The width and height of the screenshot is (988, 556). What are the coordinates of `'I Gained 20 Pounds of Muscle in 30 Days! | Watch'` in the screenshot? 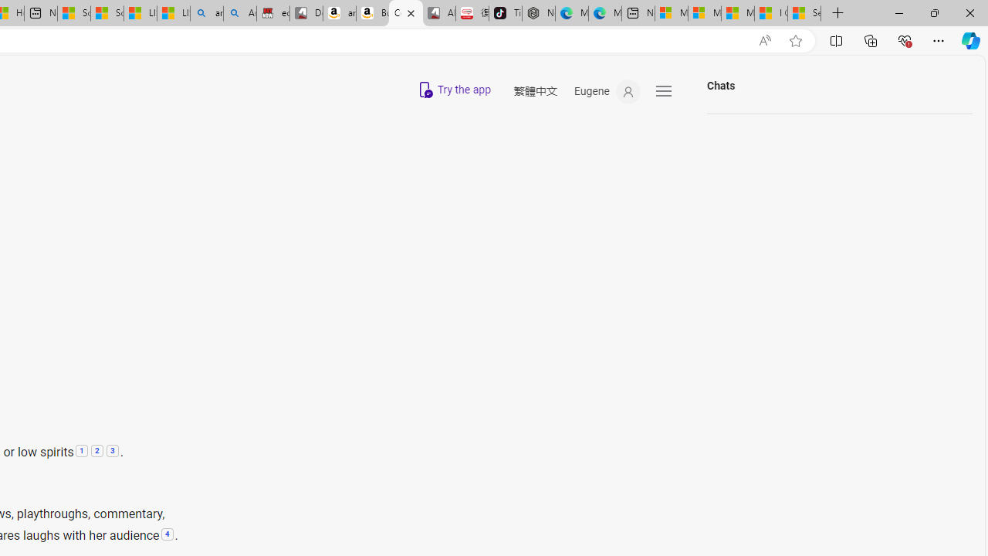 It's located at (771, 13).